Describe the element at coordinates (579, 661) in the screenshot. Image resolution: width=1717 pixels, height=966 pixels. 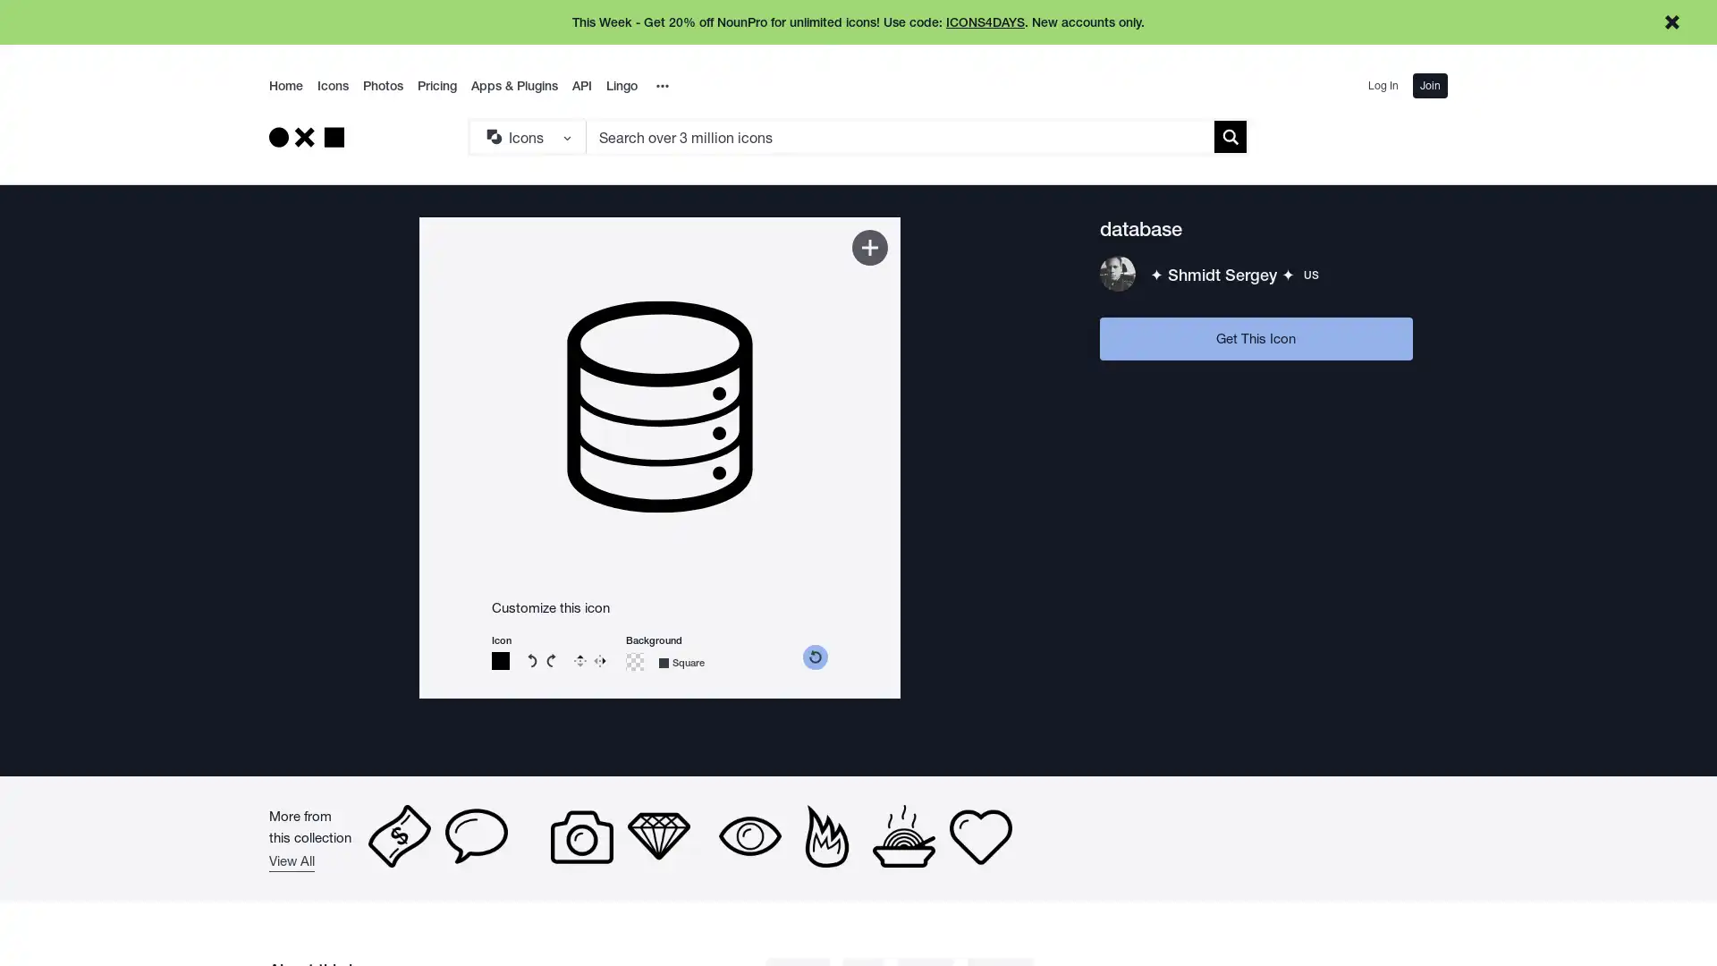
I see `Flip` at that location.